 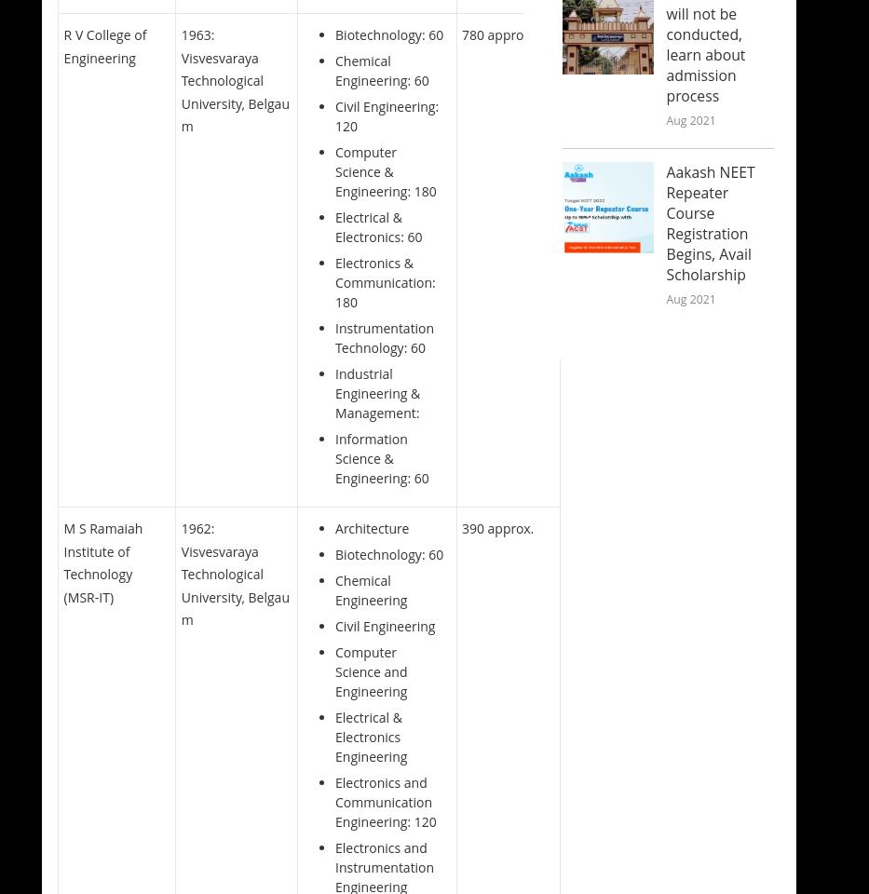 I want to click on 'Electrical & Electronics: 60', so click(x=378, y=226).